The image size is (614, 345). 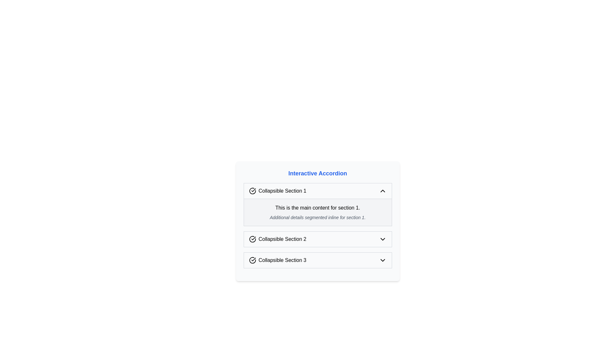 I want to click on the SVG icon component located at the leftmost side of the header for the collapsible section titled 'Collapsible Section 2', so click(x=252, y=239).